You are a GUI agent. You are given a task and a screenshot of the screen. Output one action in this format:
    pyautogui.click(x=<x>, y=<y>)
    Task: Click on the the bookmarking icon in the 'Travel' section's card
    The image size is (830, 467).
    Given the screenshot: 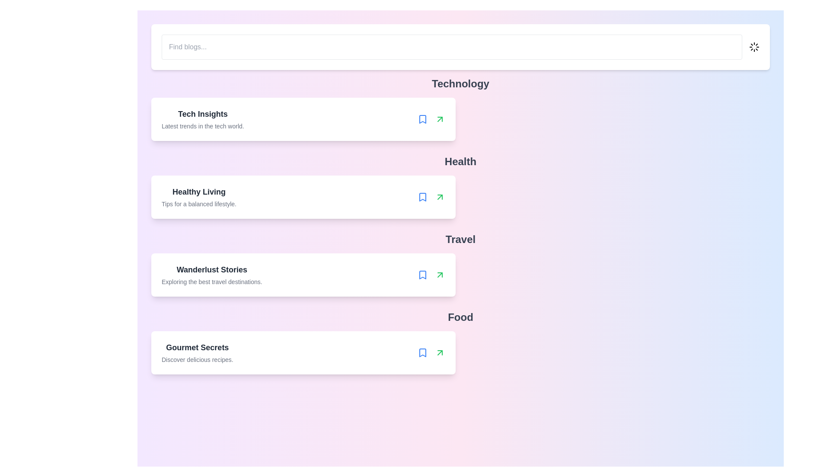 What is the action you would take?
    pyautogui.click(x=422, y=275)
    